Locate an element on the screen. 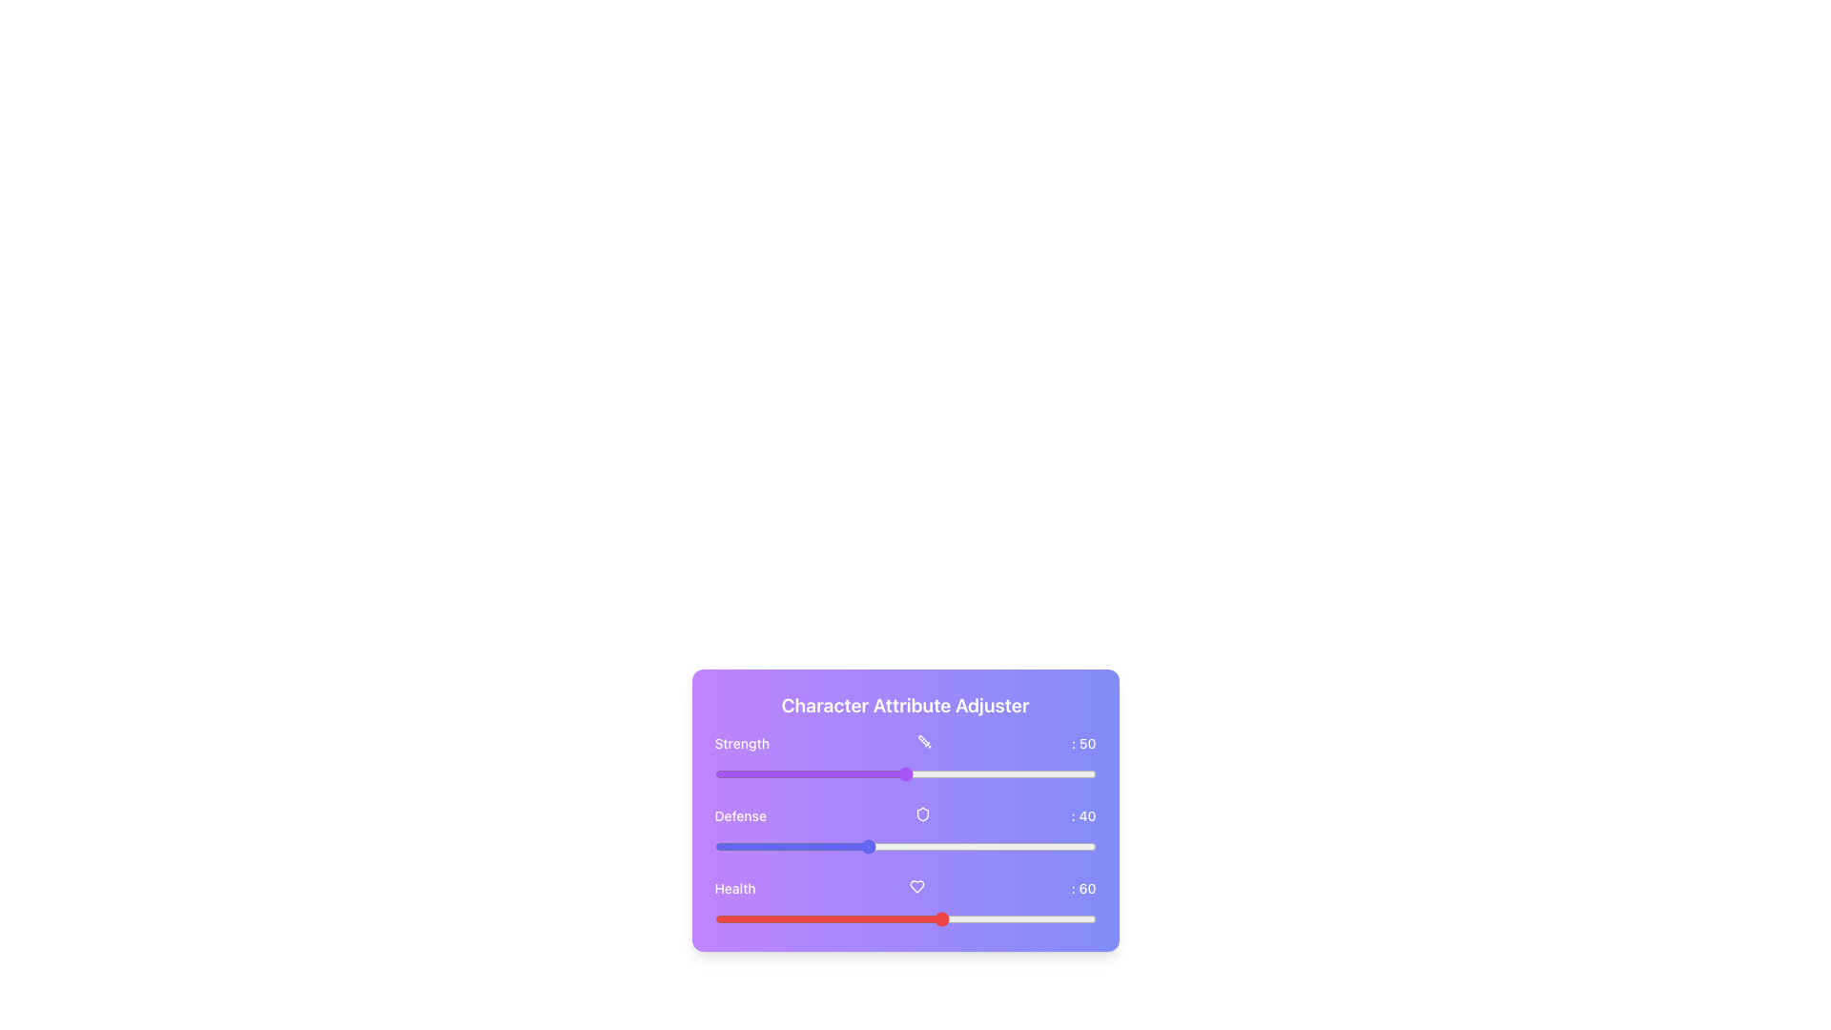 Image resolution: width=1831 pixels, height=1030 pixels. the slider value is located at coordinates (989, 845).